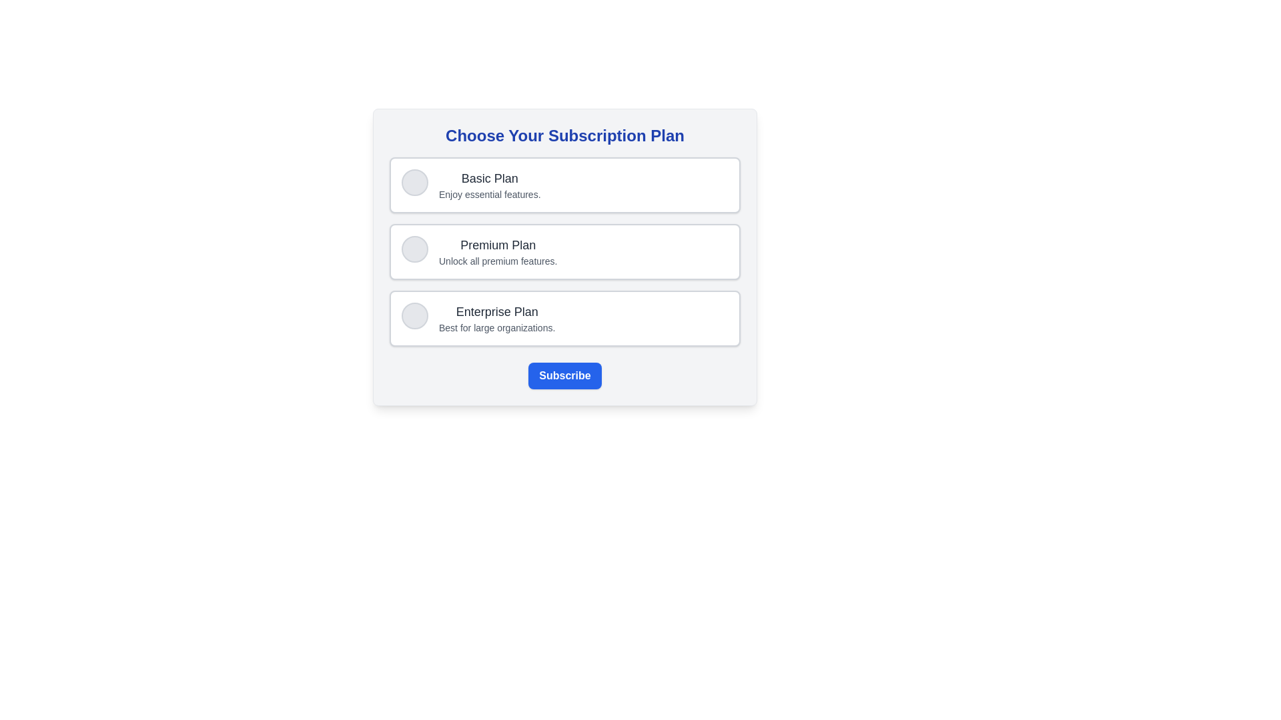 Image resolution: width=1281 pixels, height=720 pixels. Describe the element at coordinates (496, 319) in the screenshot. I see `information displayed in the 'Enterprise Plan' text block, which includes the main text 'Enterprise Plan' and the supporting text 'Best for large organizations.'` at that location.